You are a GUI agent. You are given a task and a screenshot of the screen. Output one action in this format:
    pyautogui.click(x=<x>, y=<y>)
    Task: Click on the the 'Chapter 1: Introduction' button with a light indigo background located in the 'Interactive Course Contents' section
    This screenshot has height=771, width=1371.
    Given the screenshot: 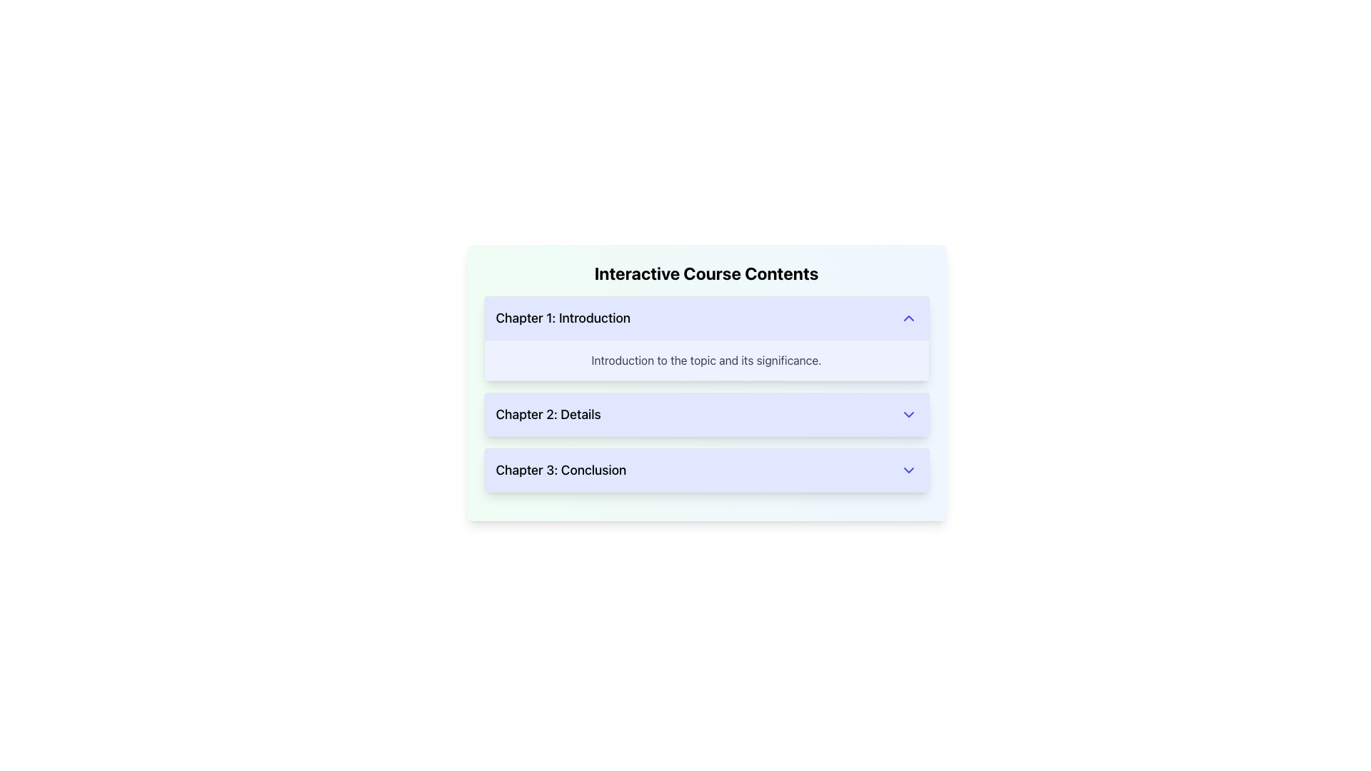 What is the action you would take?
    pyautogui.click(x=706, y=318)
    